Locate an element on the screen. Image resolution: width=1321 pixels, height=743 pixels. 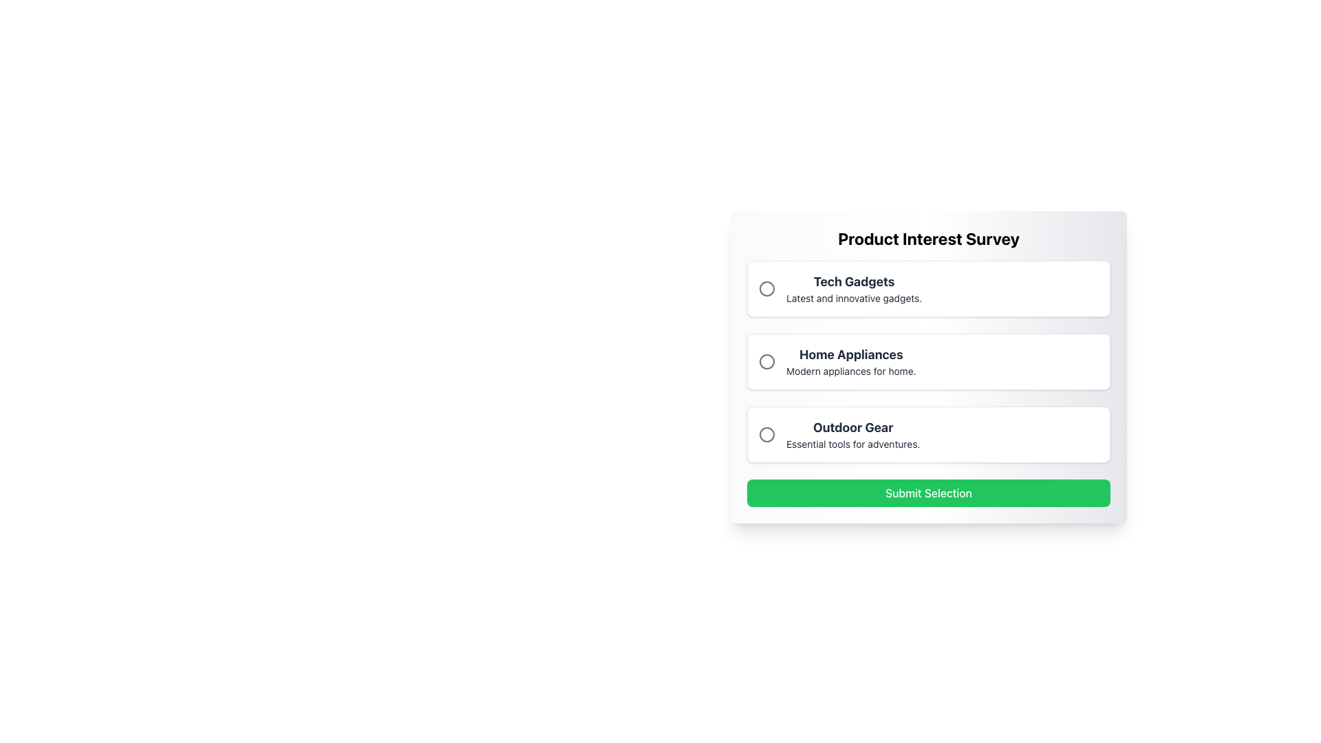
the 'Tech Gadgets' text label, which is prominently styled in bold and large font at the top of the survey interface is located at coordinates (853, 281).